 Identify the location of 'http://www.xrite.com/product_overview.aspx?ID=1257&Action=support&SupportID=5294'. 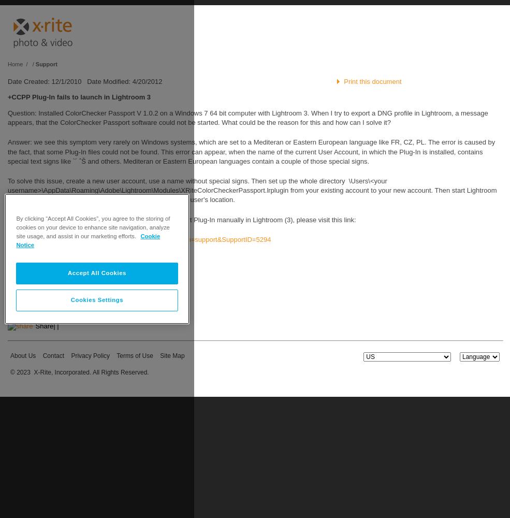
(139, 238).